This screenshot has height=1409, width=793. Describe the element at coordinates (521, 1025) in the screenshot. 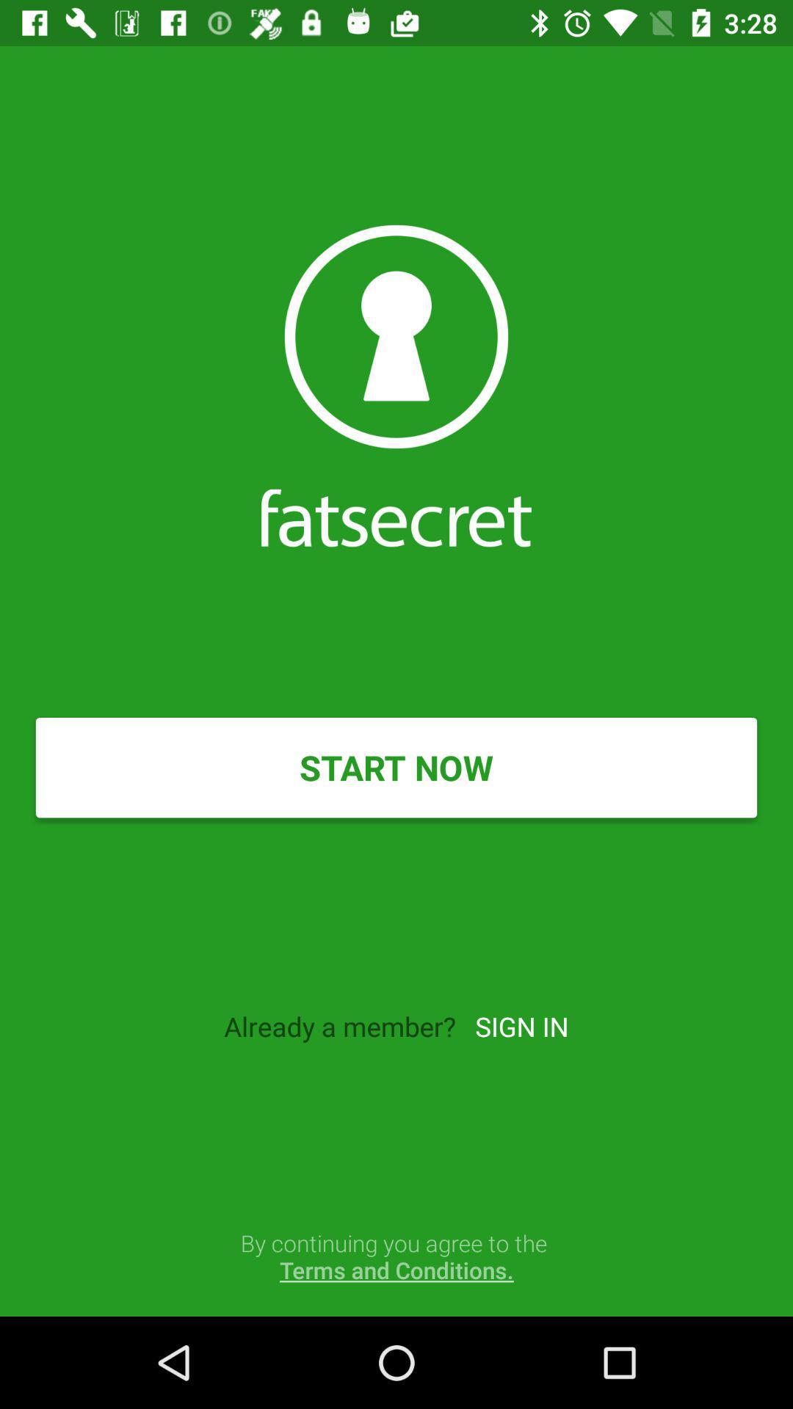

I see `item to the right of already a member?` at that location.